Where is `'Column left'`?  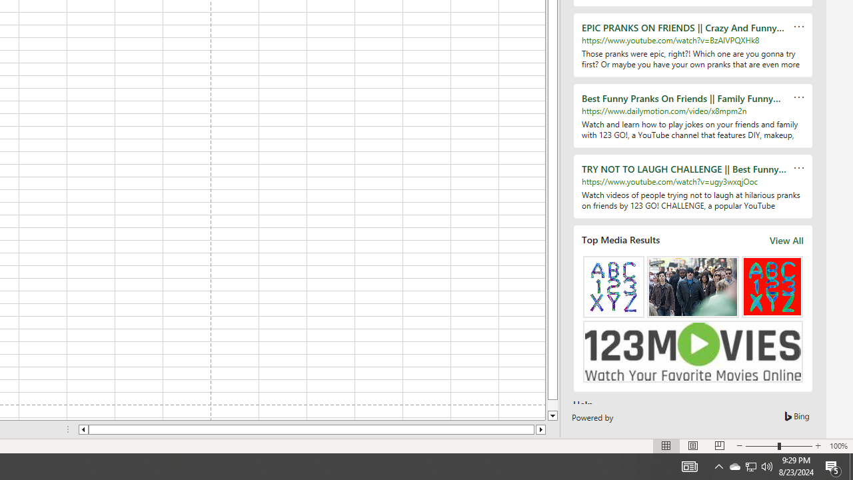 'Column left' is located at coordinates (82, 429).